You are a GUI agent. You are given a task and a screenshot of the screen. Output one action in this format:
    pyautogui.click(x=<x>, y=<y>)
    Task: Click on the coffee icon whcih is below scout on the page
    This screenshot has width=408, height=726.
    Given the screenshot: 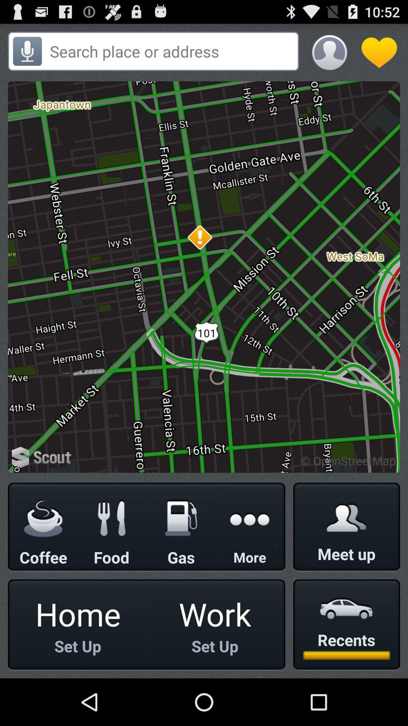 What is the action you would take?
    pyautogui.click(x=43, y=518)
    